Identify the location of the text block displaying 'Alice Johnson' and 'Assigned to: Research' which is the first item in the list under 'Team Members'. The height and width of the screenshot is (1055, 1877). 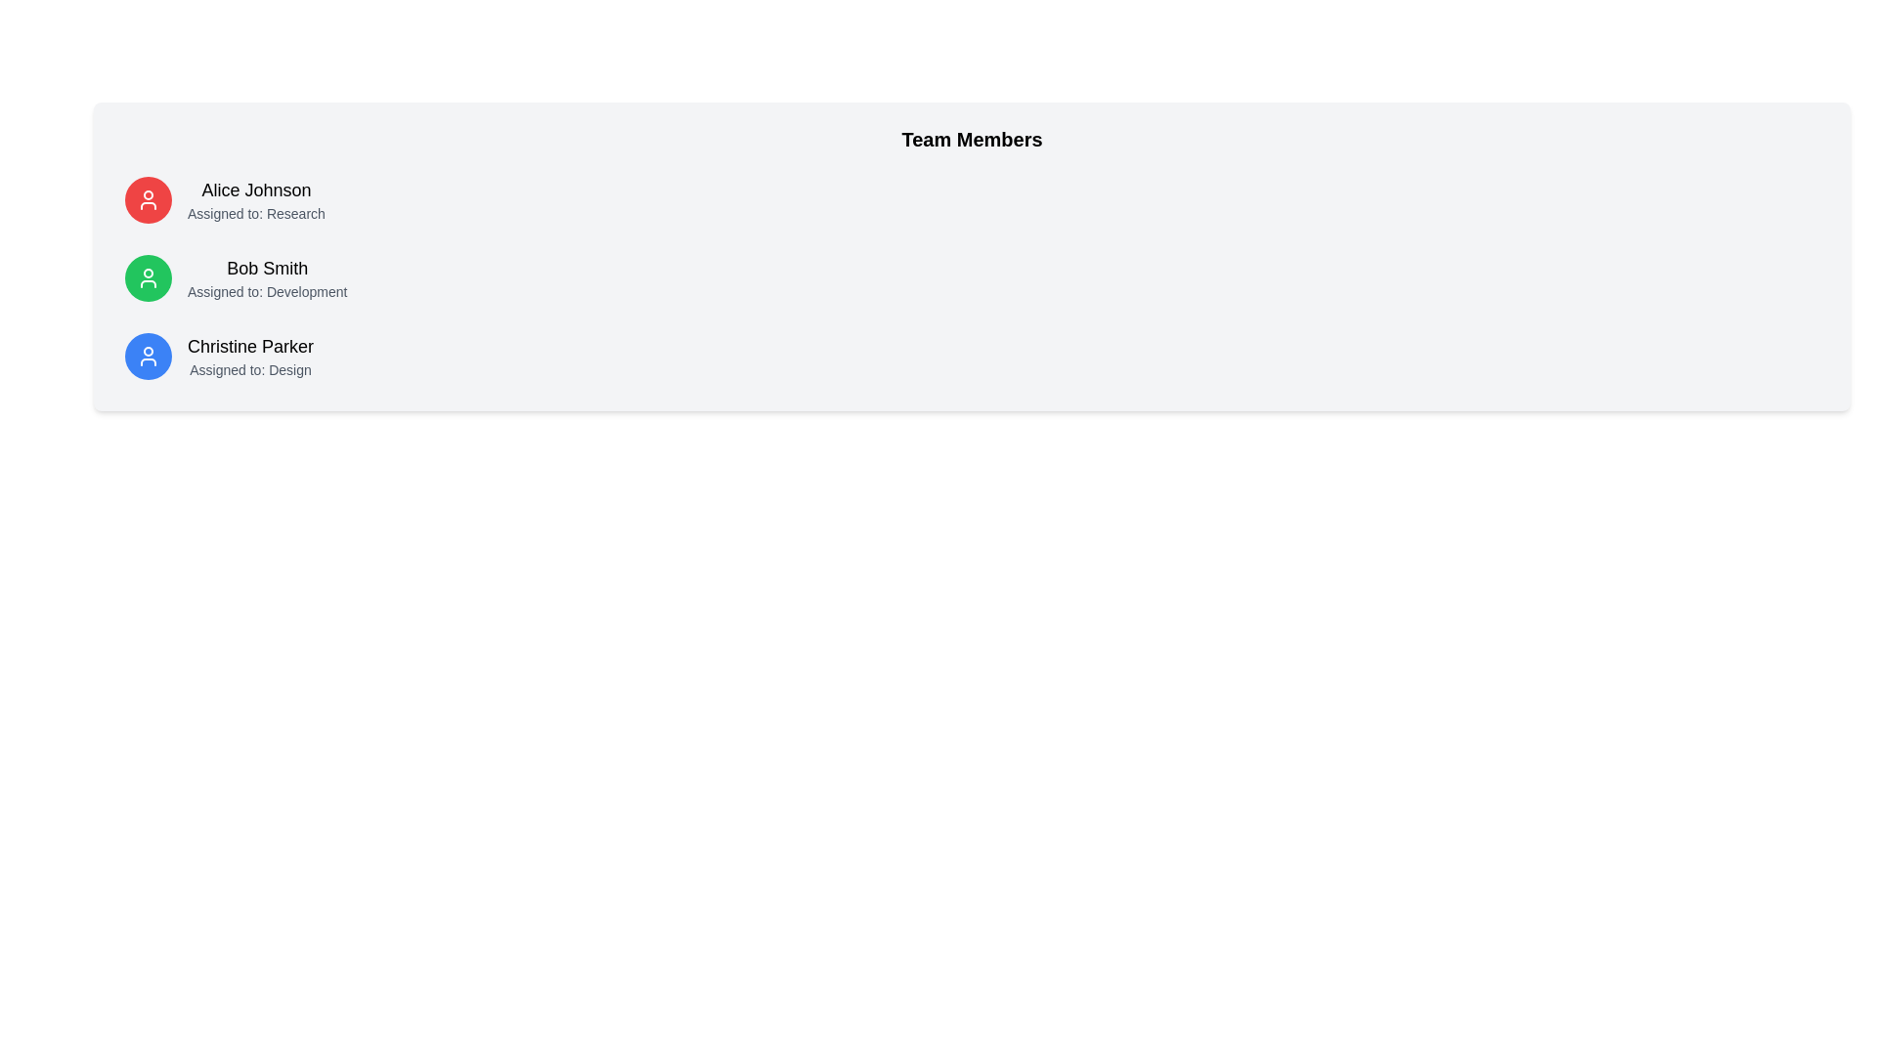
(255, 199).